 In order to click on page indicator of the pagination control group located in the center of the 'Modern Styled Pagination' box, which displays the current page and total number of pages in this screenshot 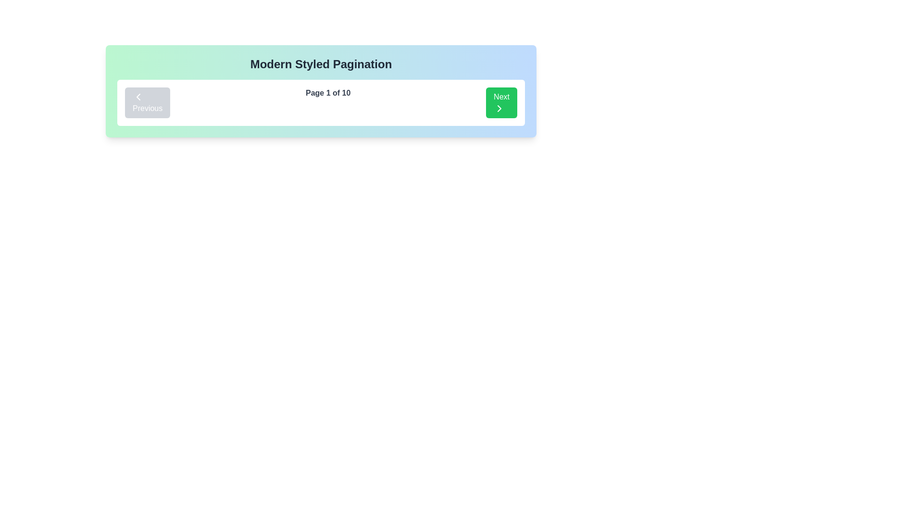, I will do `click(321, 102)`.